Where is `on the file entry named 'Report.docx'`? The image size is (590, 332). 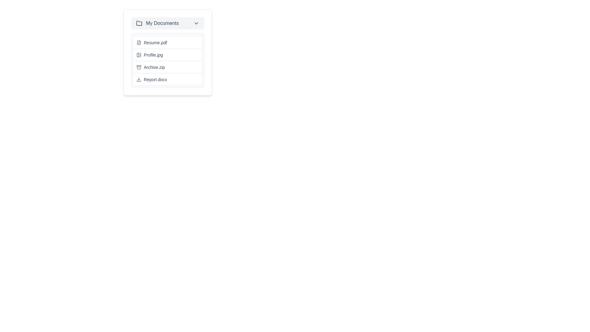
on the file entry named 'Report.docx' is located at coordinates (168, 79).